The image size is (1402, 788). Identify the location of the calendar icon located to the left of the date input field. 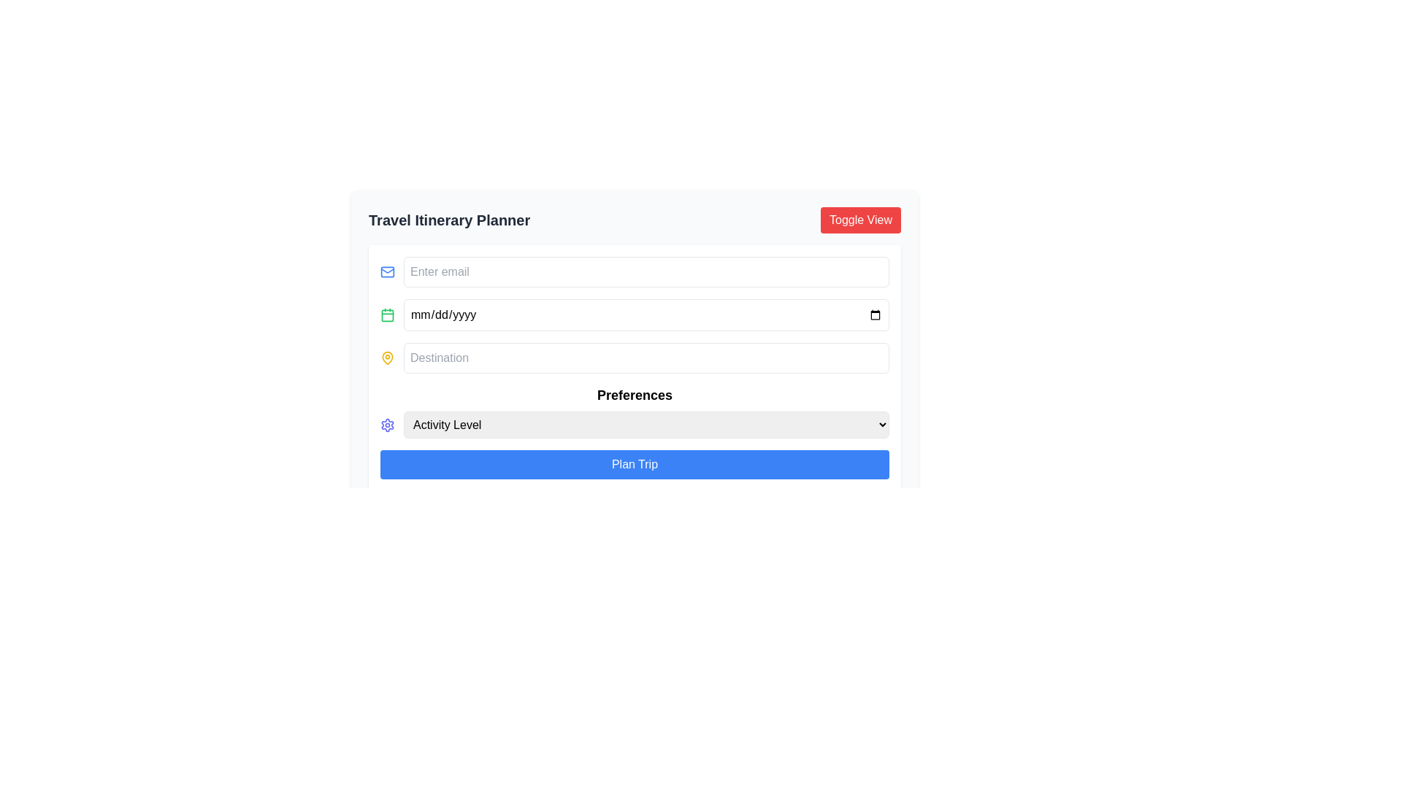
(388, 314).